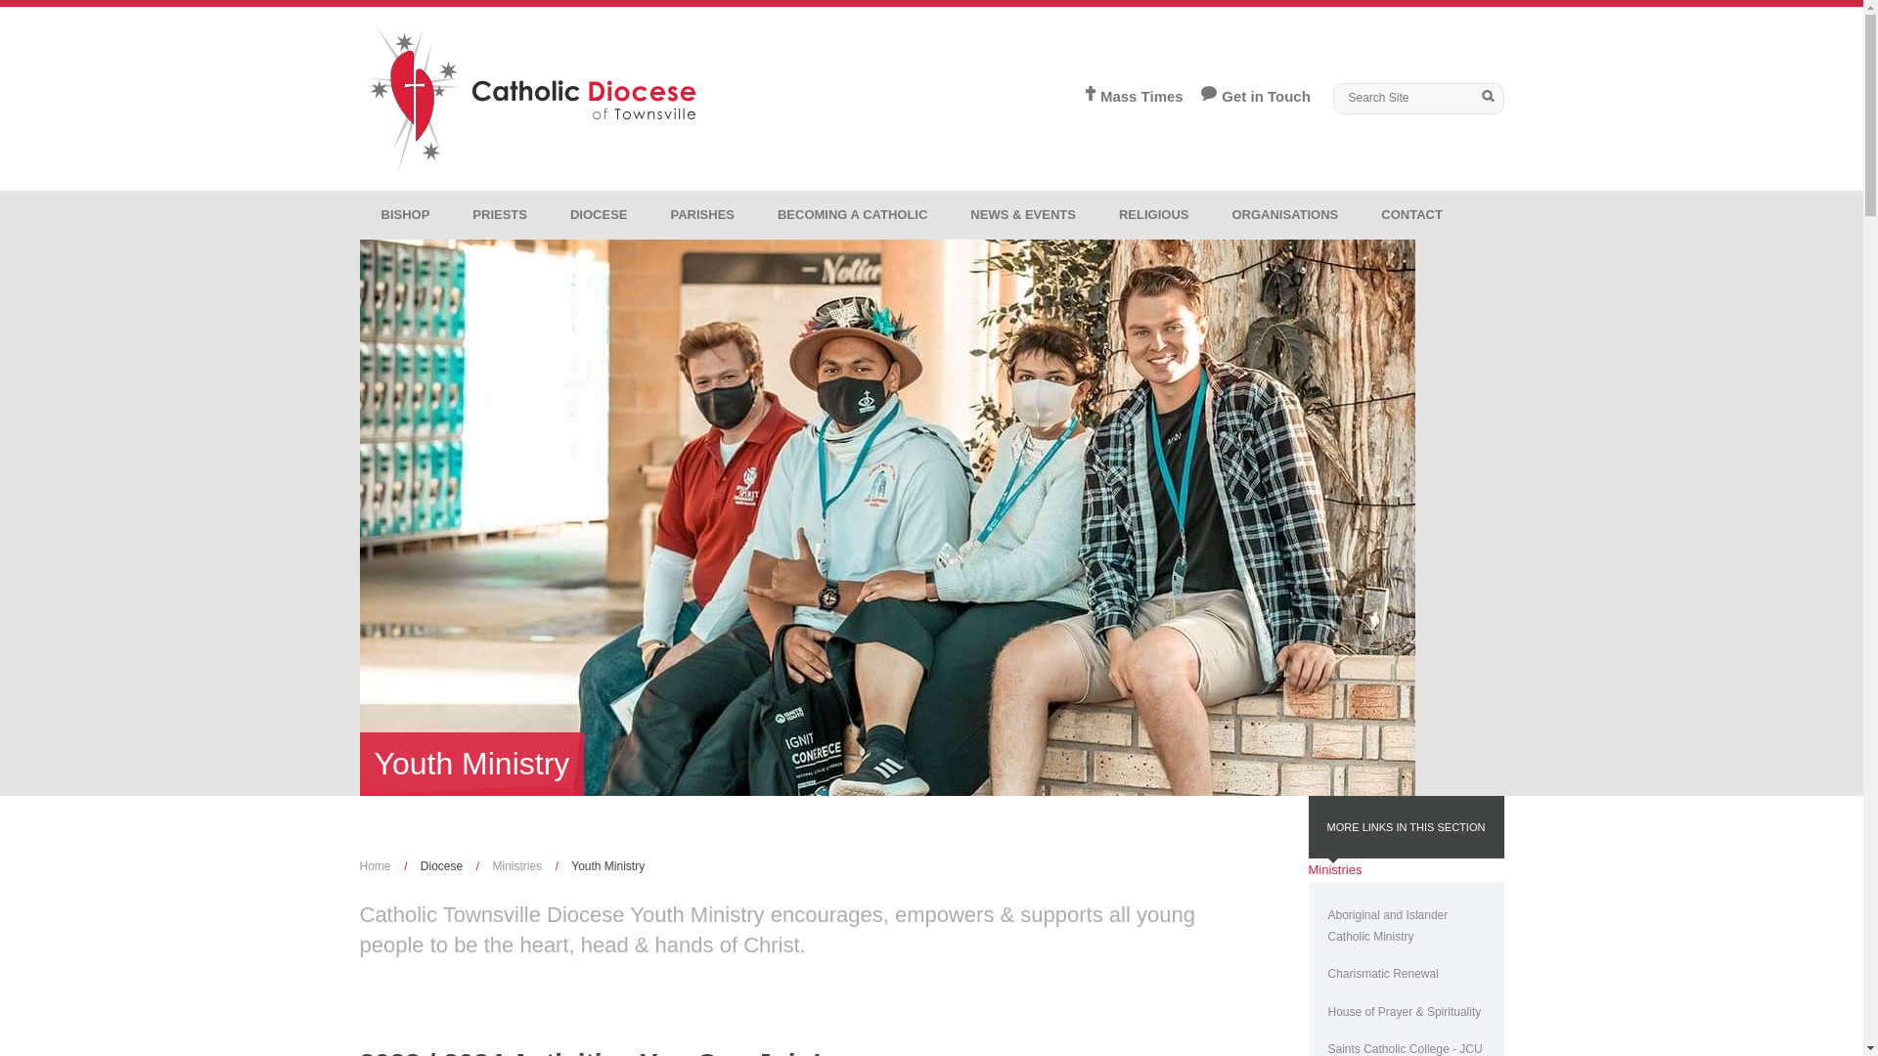 This screenshot has width=1878, height=1056. Describe the element at coordinates (1309, 1011) in the screenshot. I see `'House of Prayer & Spirituality'` at that location.